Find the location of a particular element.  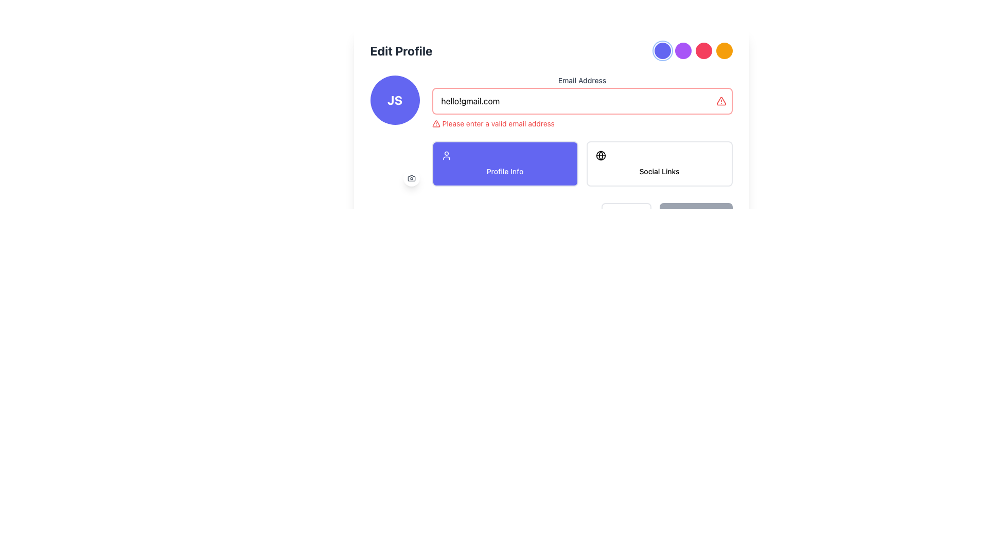

the Alert/Warning icon next to the 'Email Address' input field to read the tooltip if available is located at coordinates (720, 101).